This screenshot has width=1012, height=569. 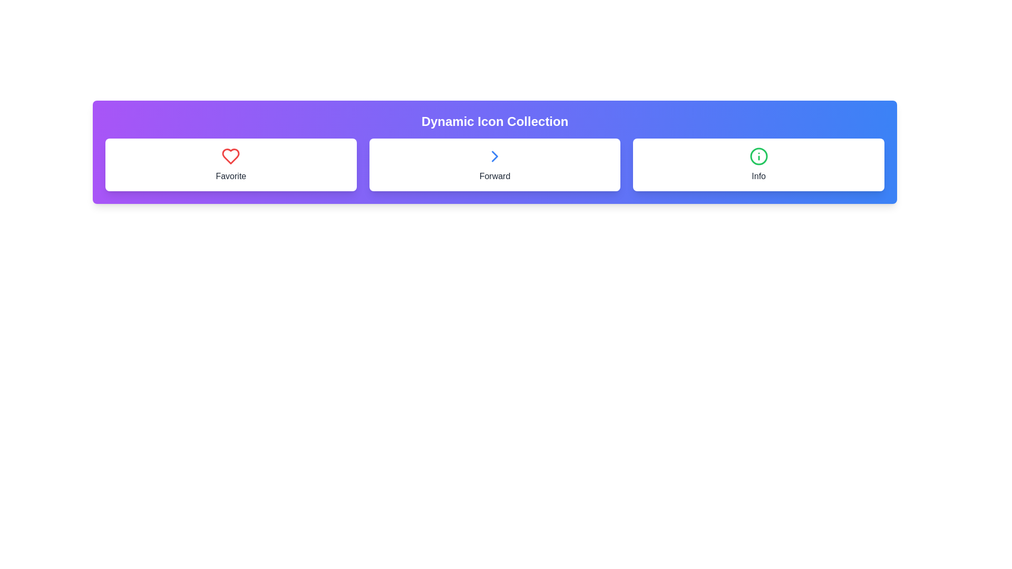 I want to click on the rightward-pointing chevron icon within the 'Forward' card, which is styled in blue and represents a simple geometric line design, so click(x=494, y=156).